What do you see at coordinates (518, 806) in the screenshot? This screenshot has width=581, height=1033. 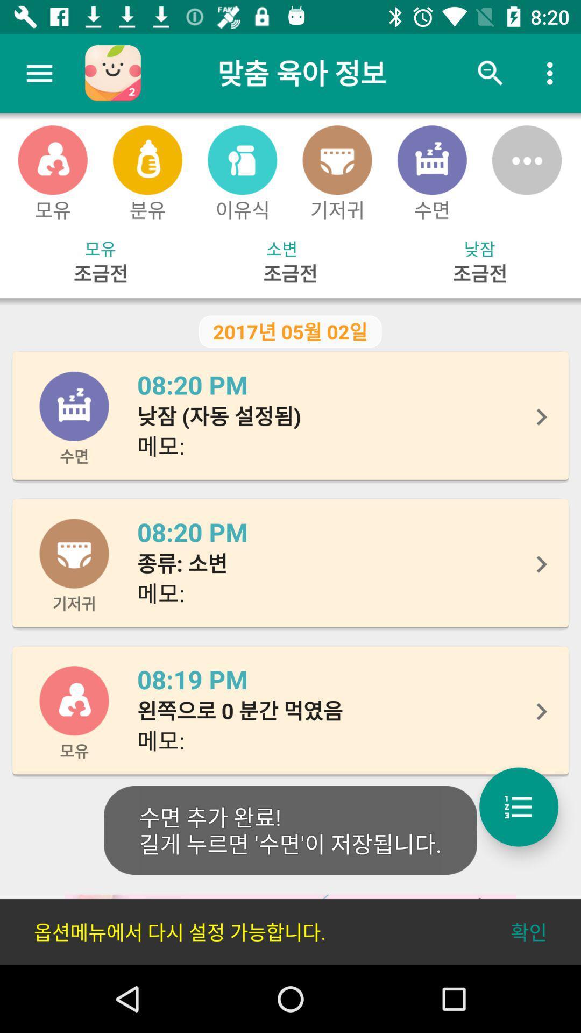 I see `the list icon` at bounding box center [518, 806].